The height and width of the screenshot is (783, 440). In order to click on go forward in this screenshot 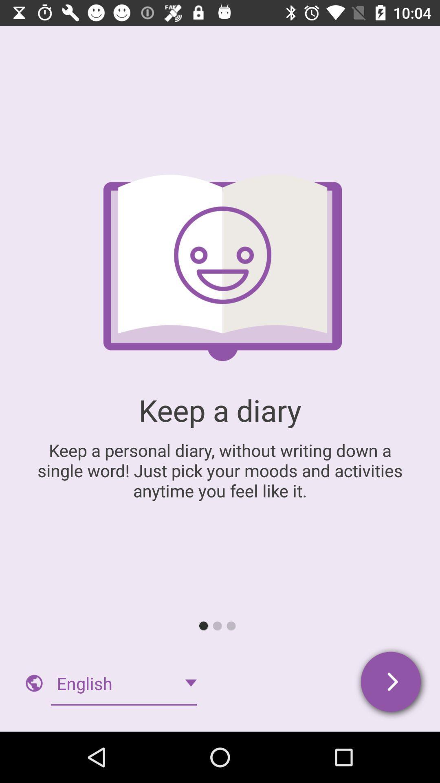, I will do `click(391, 683)`.